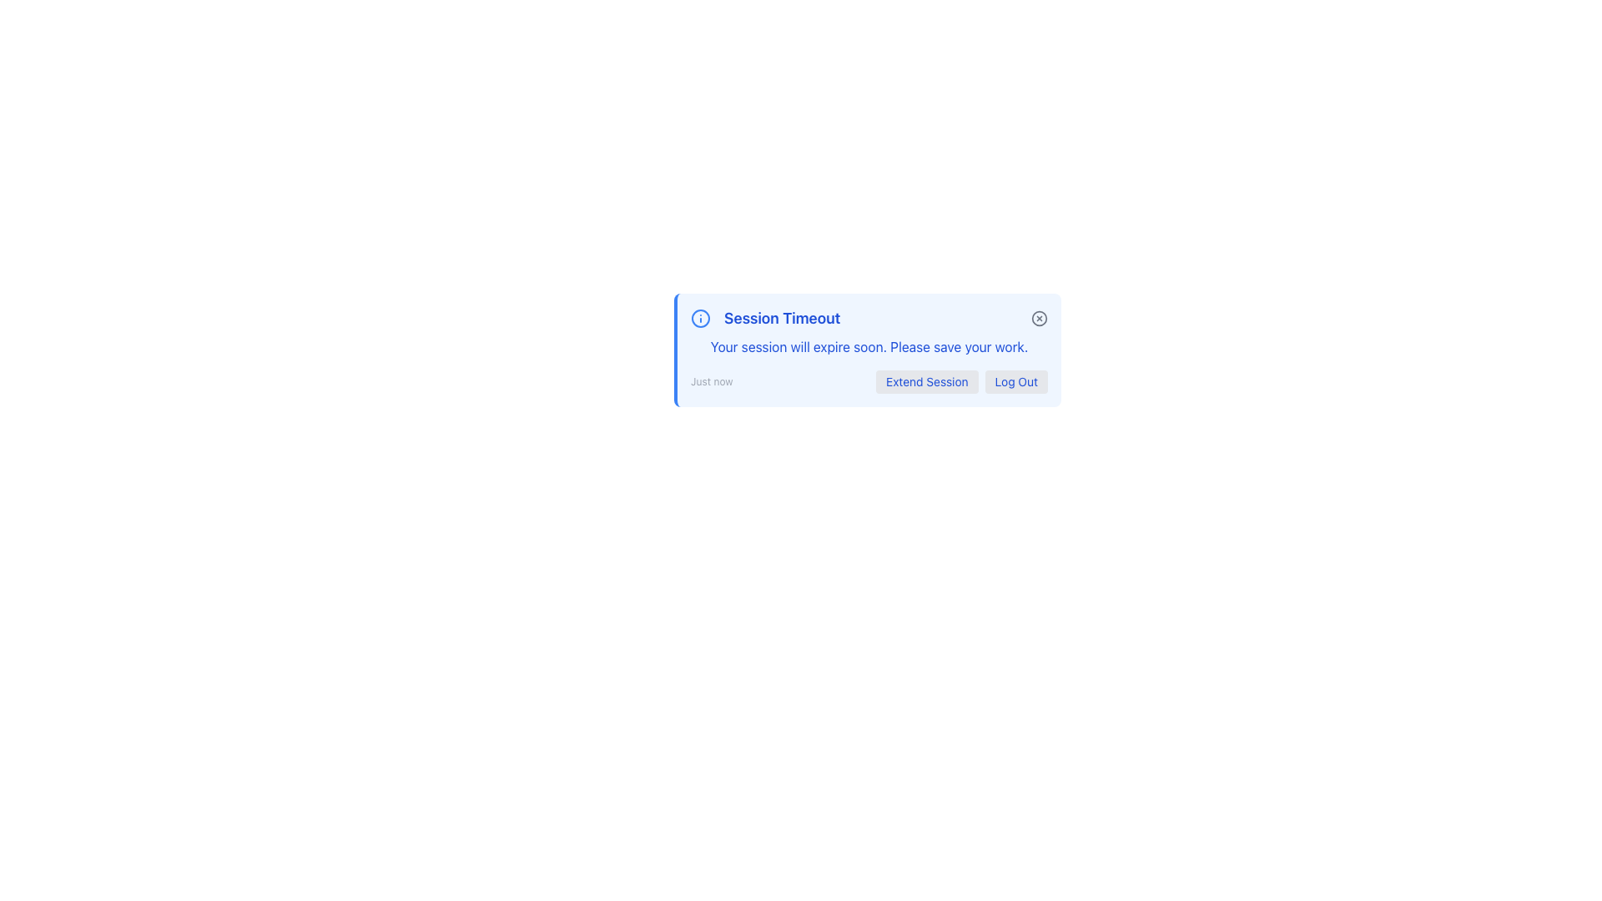 This screenshot has height=901, width=1602. What do you see at coordinates (1015, 382) in the screenshot?
I see `the 'Log Out' button, which is styled with a light gray background and blue text, located in the top-right portion of the view under a session timeout notification` at bounding box center [1015, 382].